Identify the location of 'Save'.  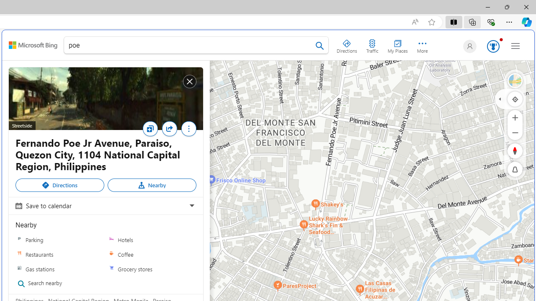
(150, 129).